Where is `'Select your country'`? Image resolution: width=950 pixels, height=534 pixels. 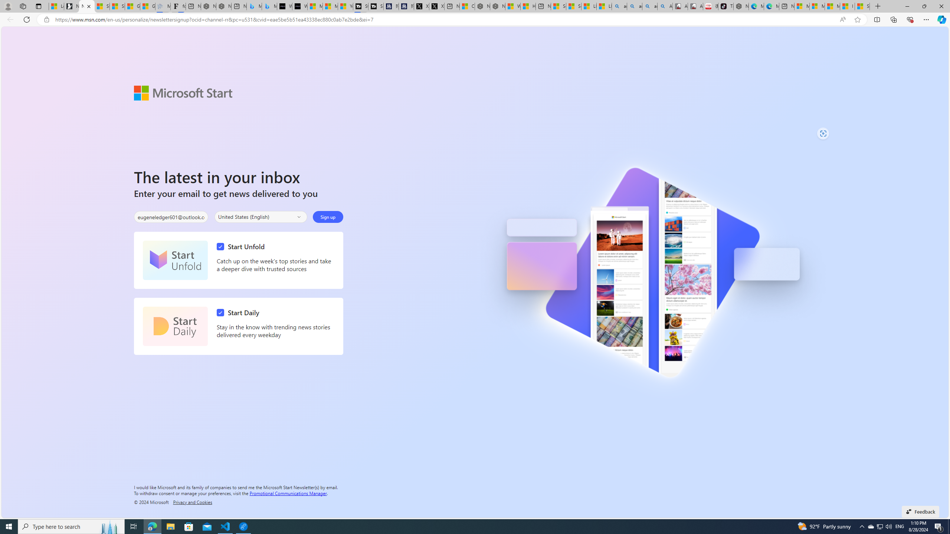
'Select your country' is located at coordinates (260, 217).